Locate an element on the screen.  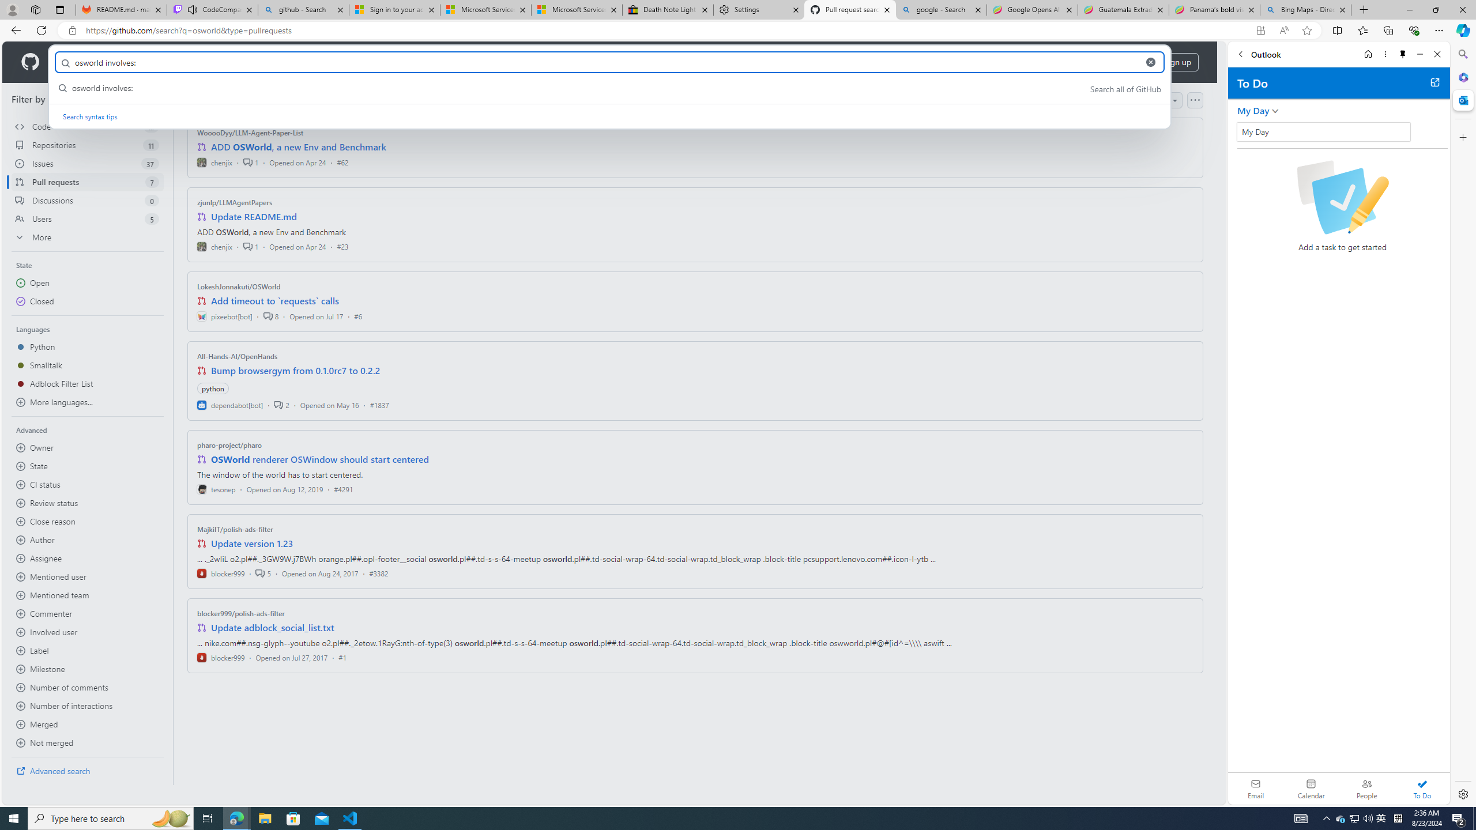
'Enterprise' is located at coordinates (324, 62).